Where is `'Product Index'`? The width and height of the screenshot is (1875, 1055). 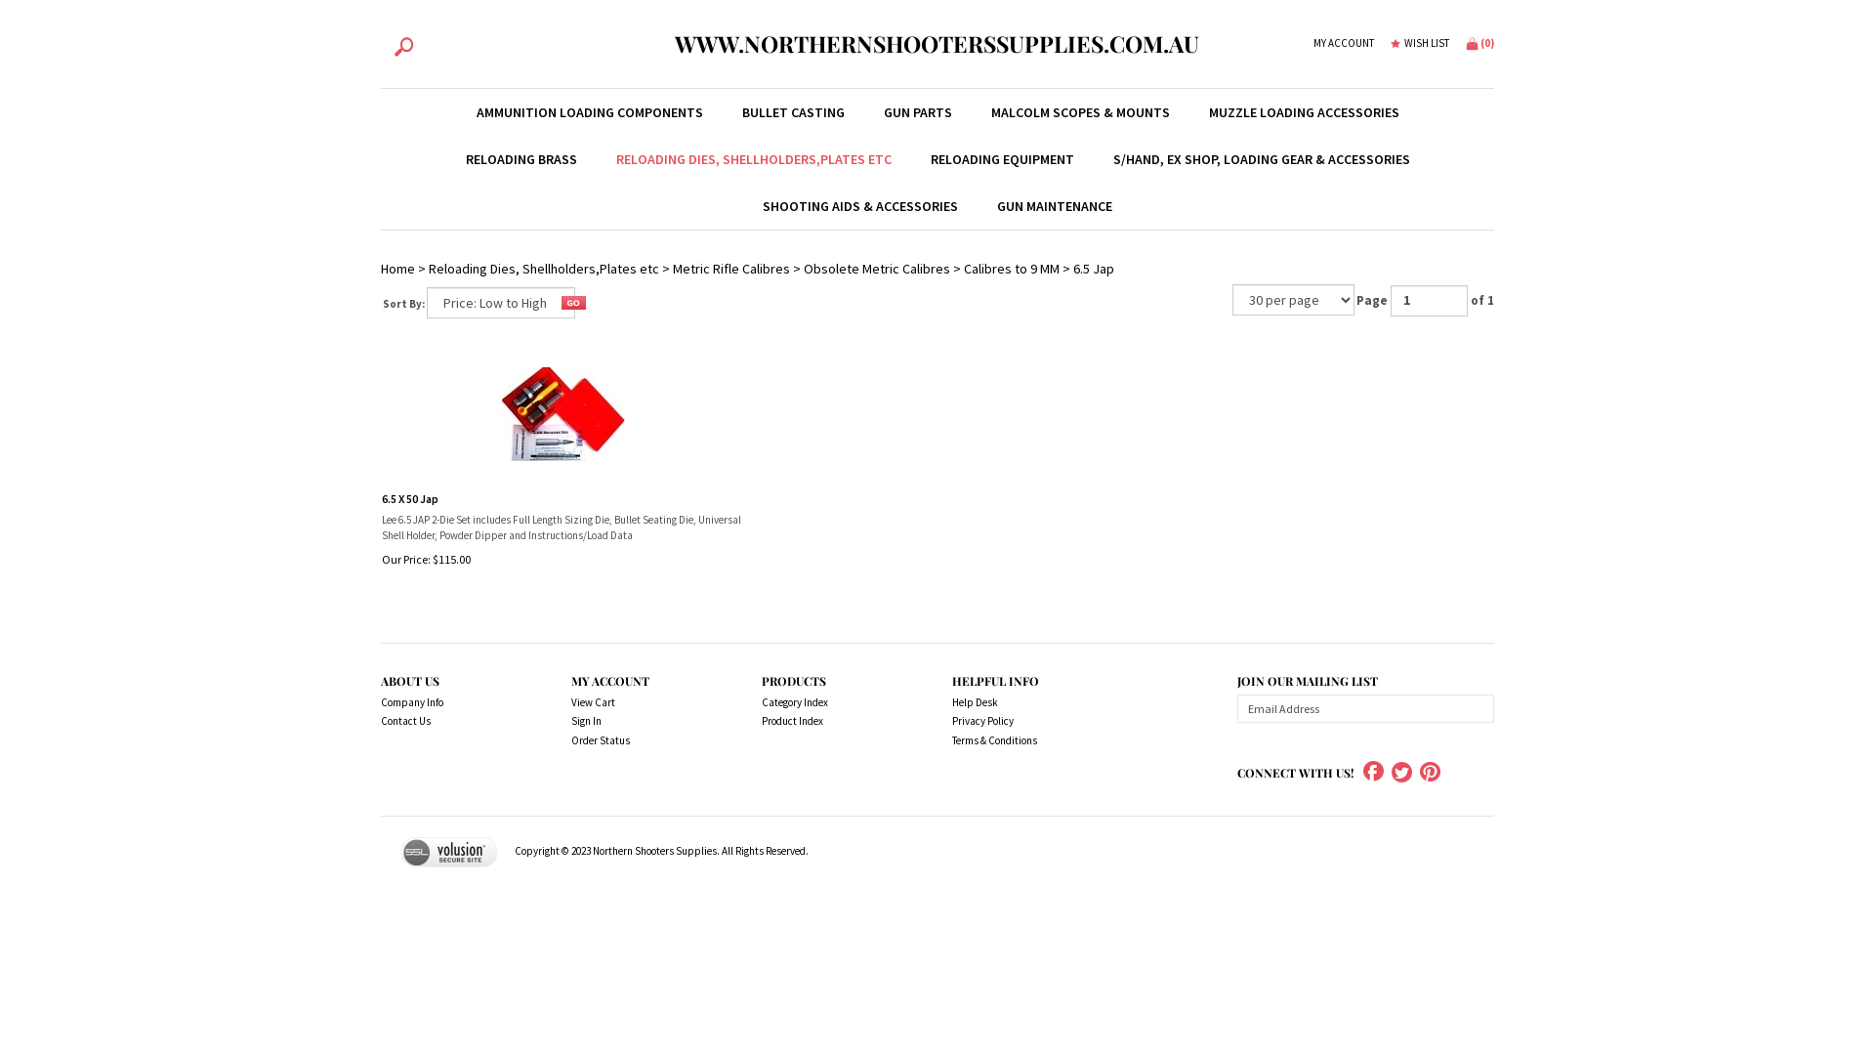 'Product Index' is located at coordinates (834, 722).